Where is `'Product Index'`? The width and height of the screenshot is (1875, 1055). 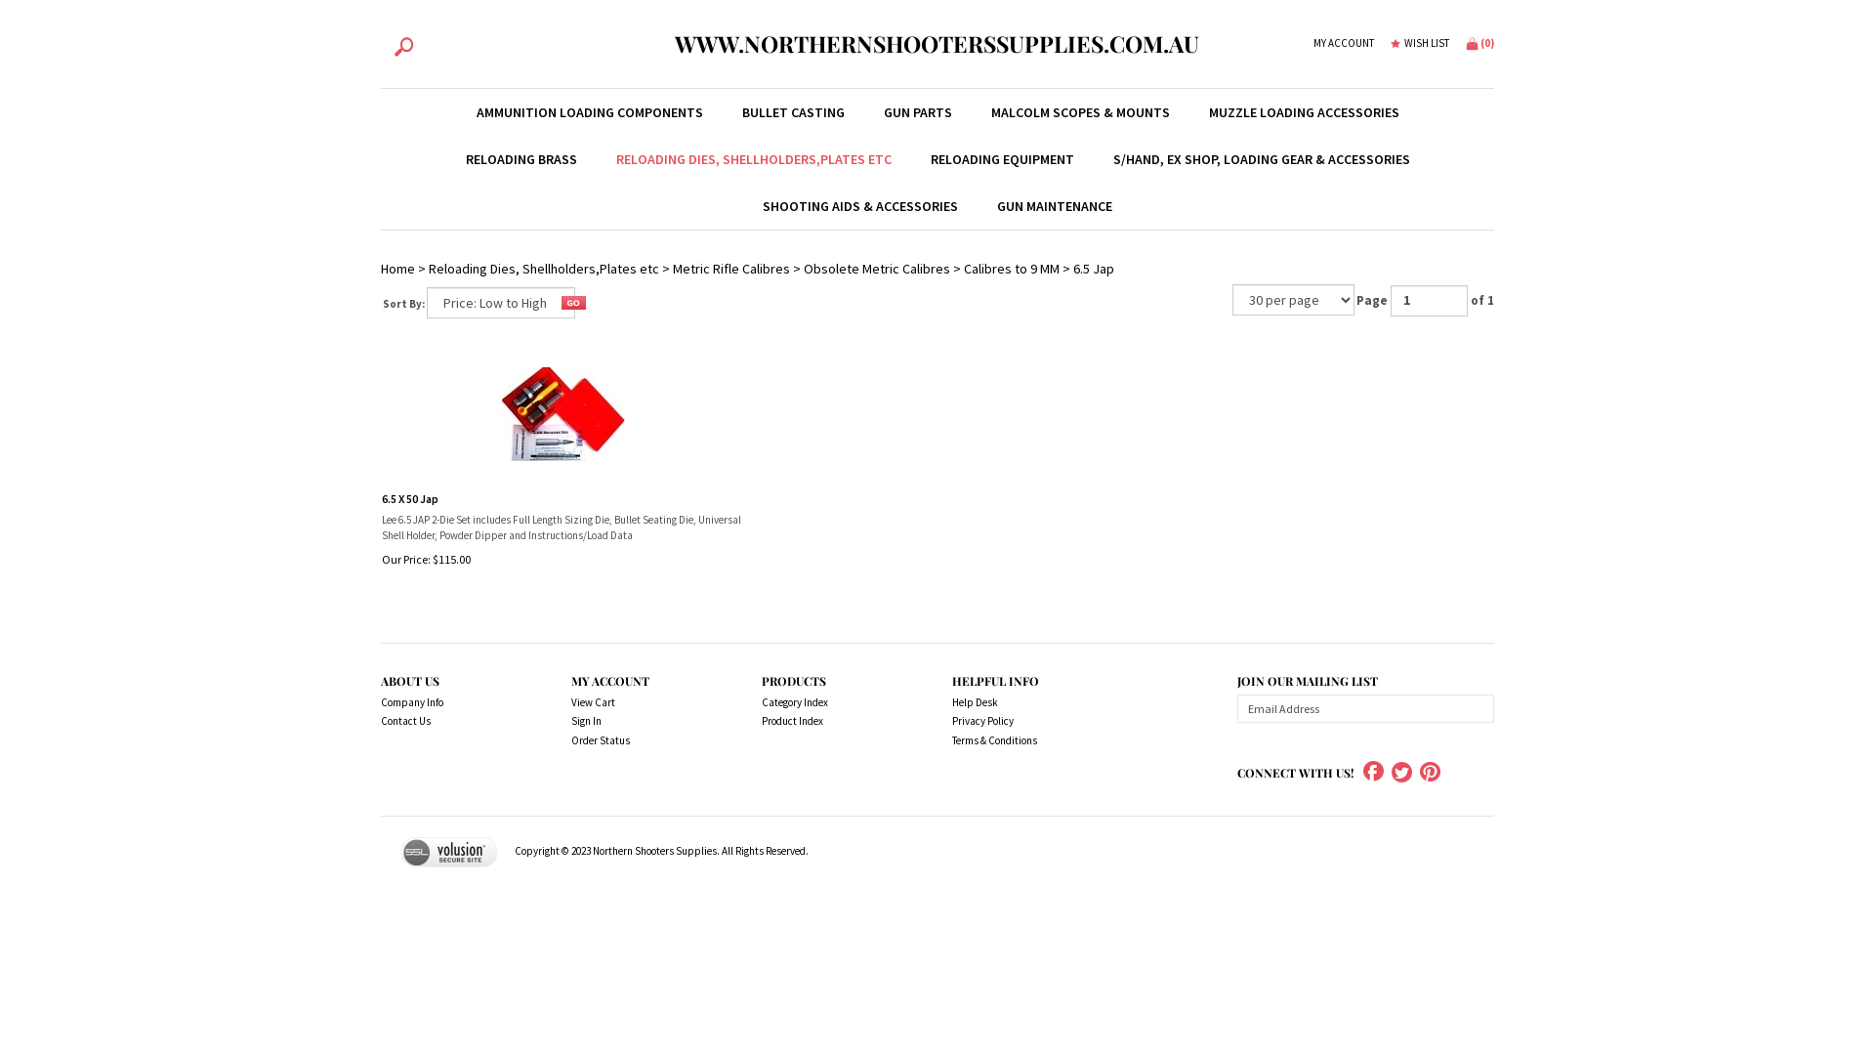 'Product Index' is located at coordinates (834, 722).